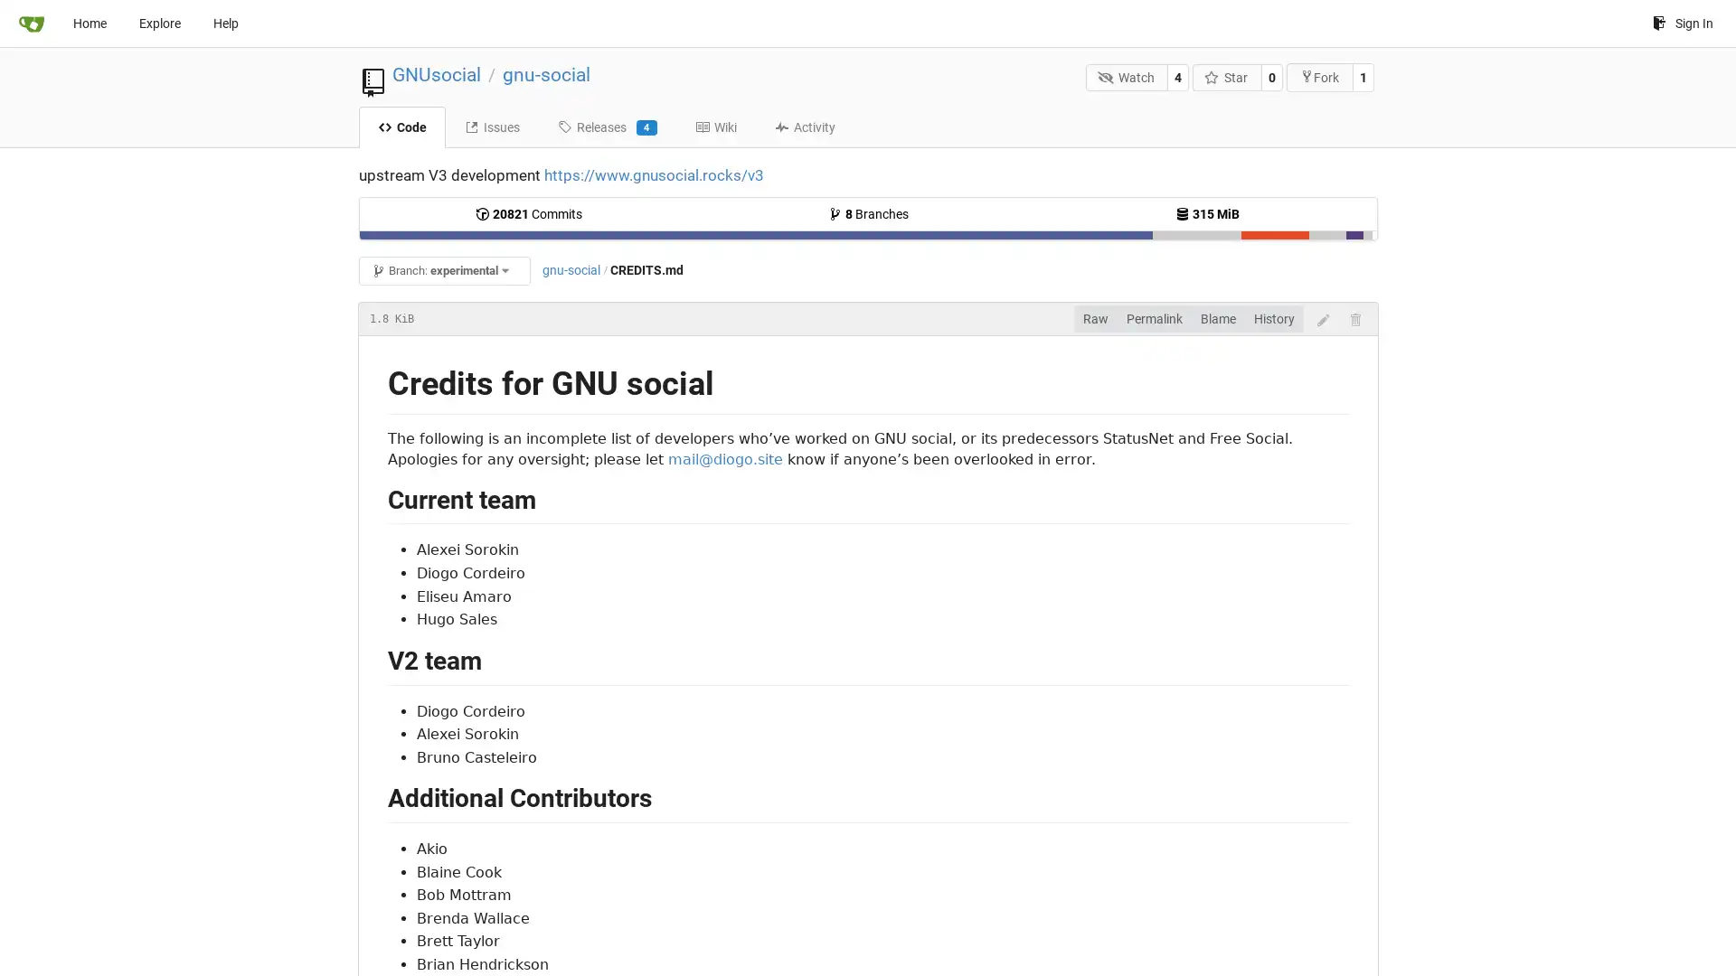 This screenshot has width=1736, height=976. Describe the element at coordinates (1126, 76) in the screenshot. I see `Watch` at that location.